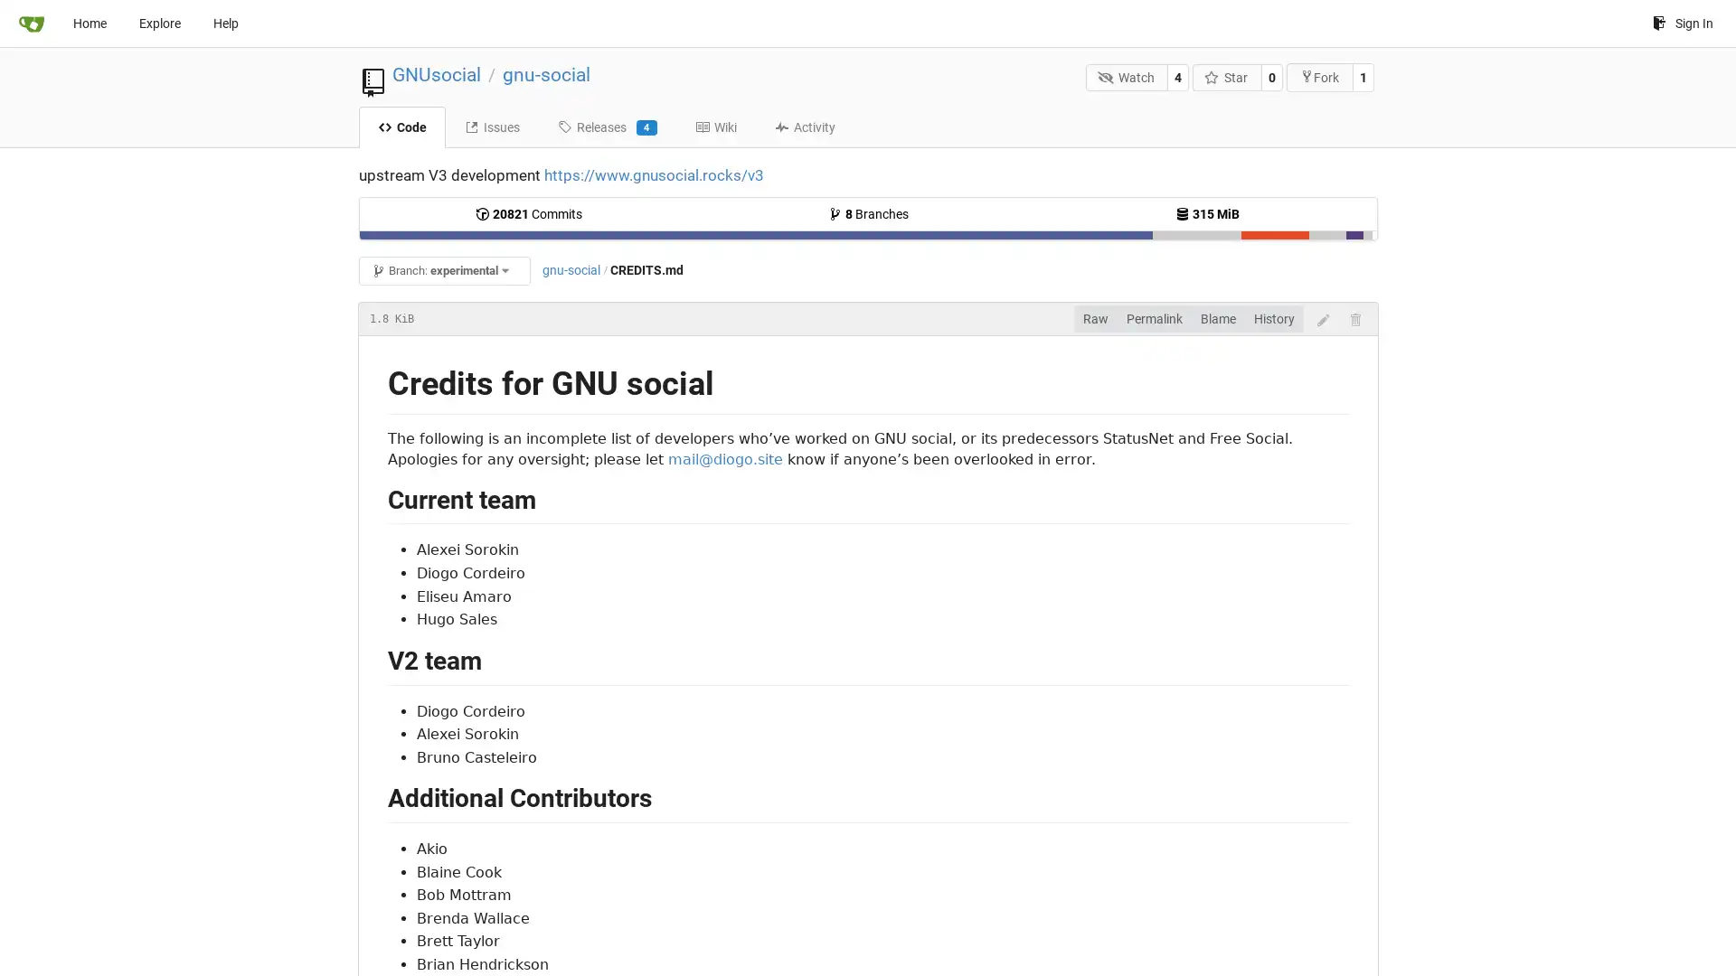 This screenshot has width=1736, height=976. Describe the element at coordinates (1126, 76) in the screenshot. I see `Watch` at that location.